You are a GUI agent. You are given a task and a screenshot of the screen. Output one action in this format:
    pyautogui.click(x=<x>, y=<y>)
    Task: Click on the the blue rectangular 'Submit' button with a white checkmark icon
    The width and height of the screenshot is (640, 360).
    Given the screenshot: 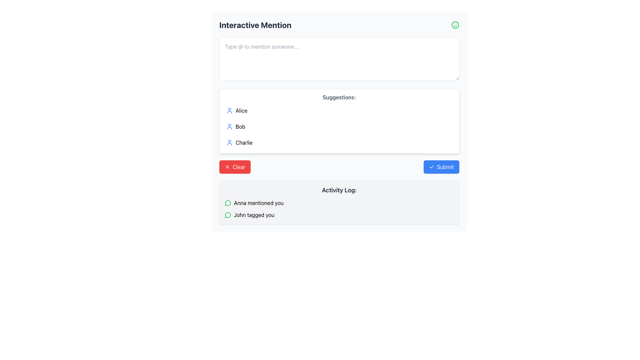 What is the action you would take?
    pyautogui.click(x=441, y=167)
    